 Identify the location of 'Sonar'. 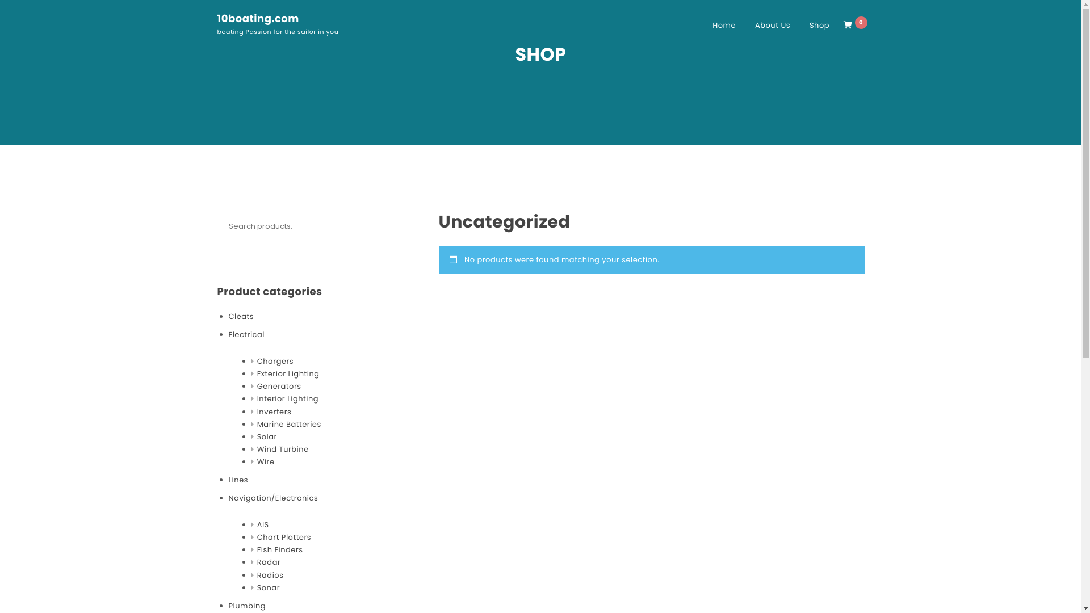
(268, 587).